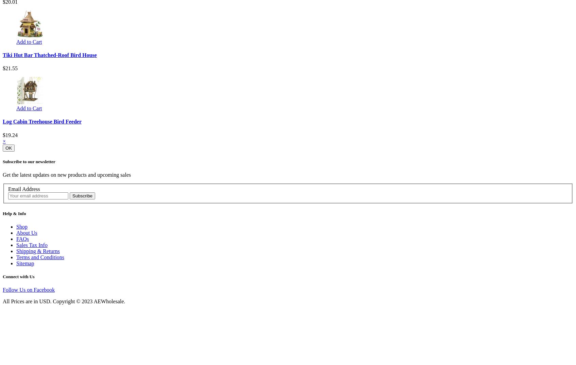 The image size is (576, 365). What do you see at coordinates (8, 148) in the screenshot?
I see `'OK'` at bounding box center [8, 148].